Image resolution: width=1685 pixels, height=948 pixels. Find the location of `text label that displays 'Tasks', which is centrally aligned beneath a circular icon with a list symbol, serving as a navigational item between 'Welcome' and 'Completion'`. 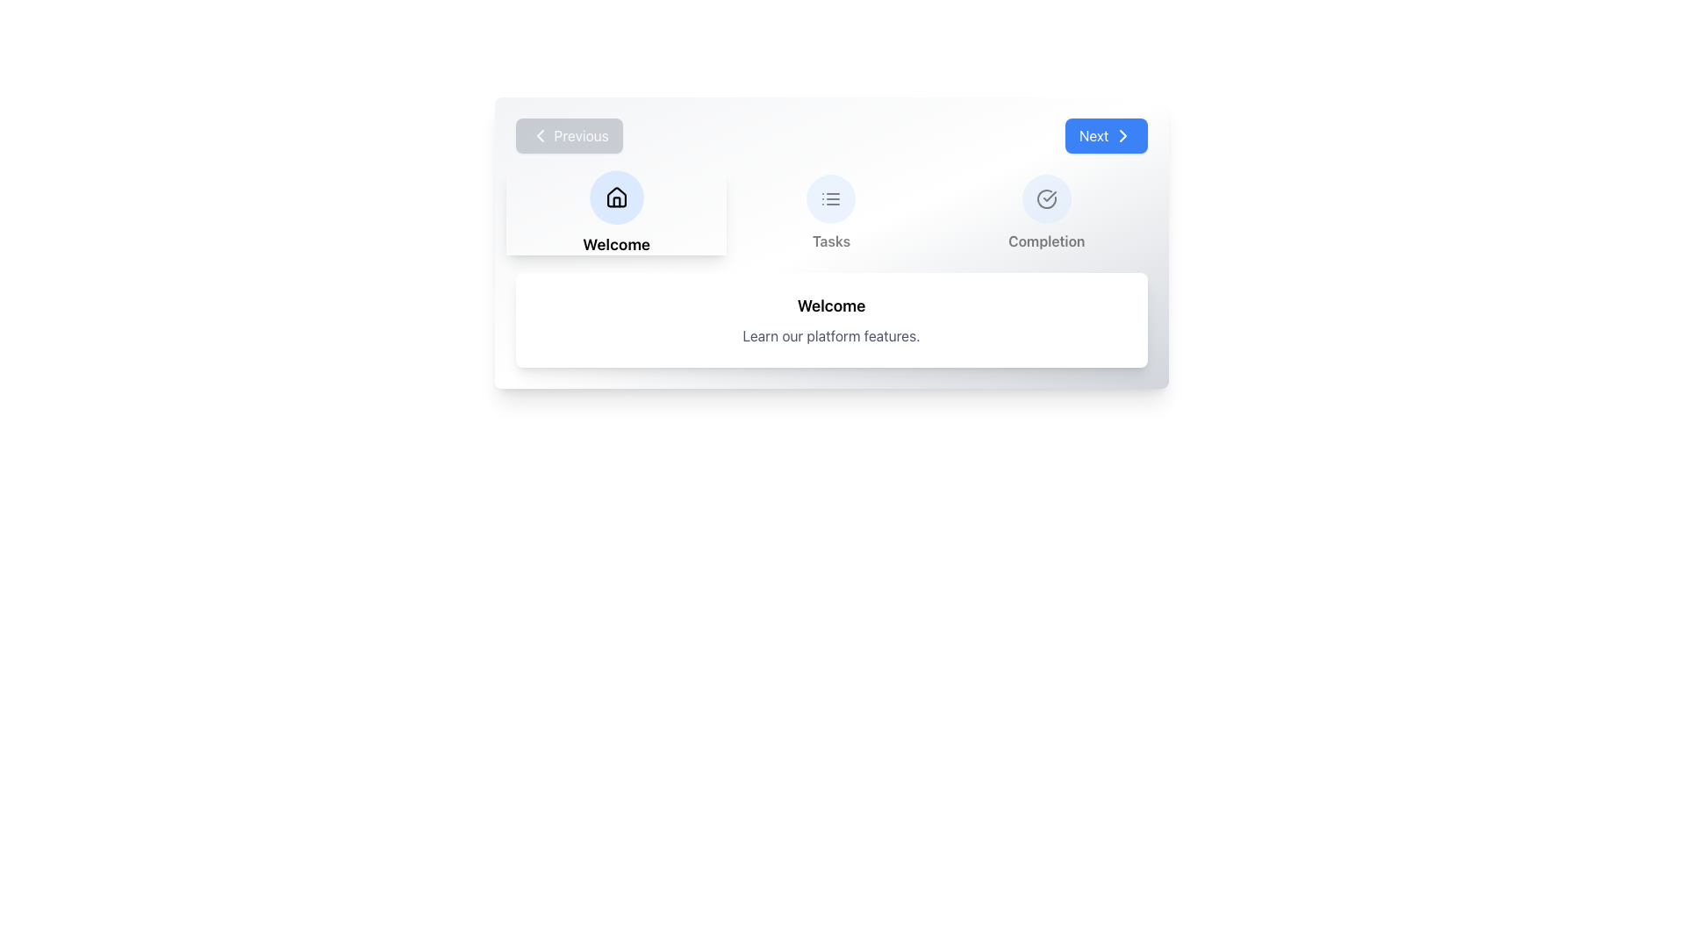

text label that displays 'Tasks', which is centrally aligned beneath a circular icon with a list symbol, serving as a navigational item between 'Welcome' and 'Completion' is located at coordinates (830, 241).